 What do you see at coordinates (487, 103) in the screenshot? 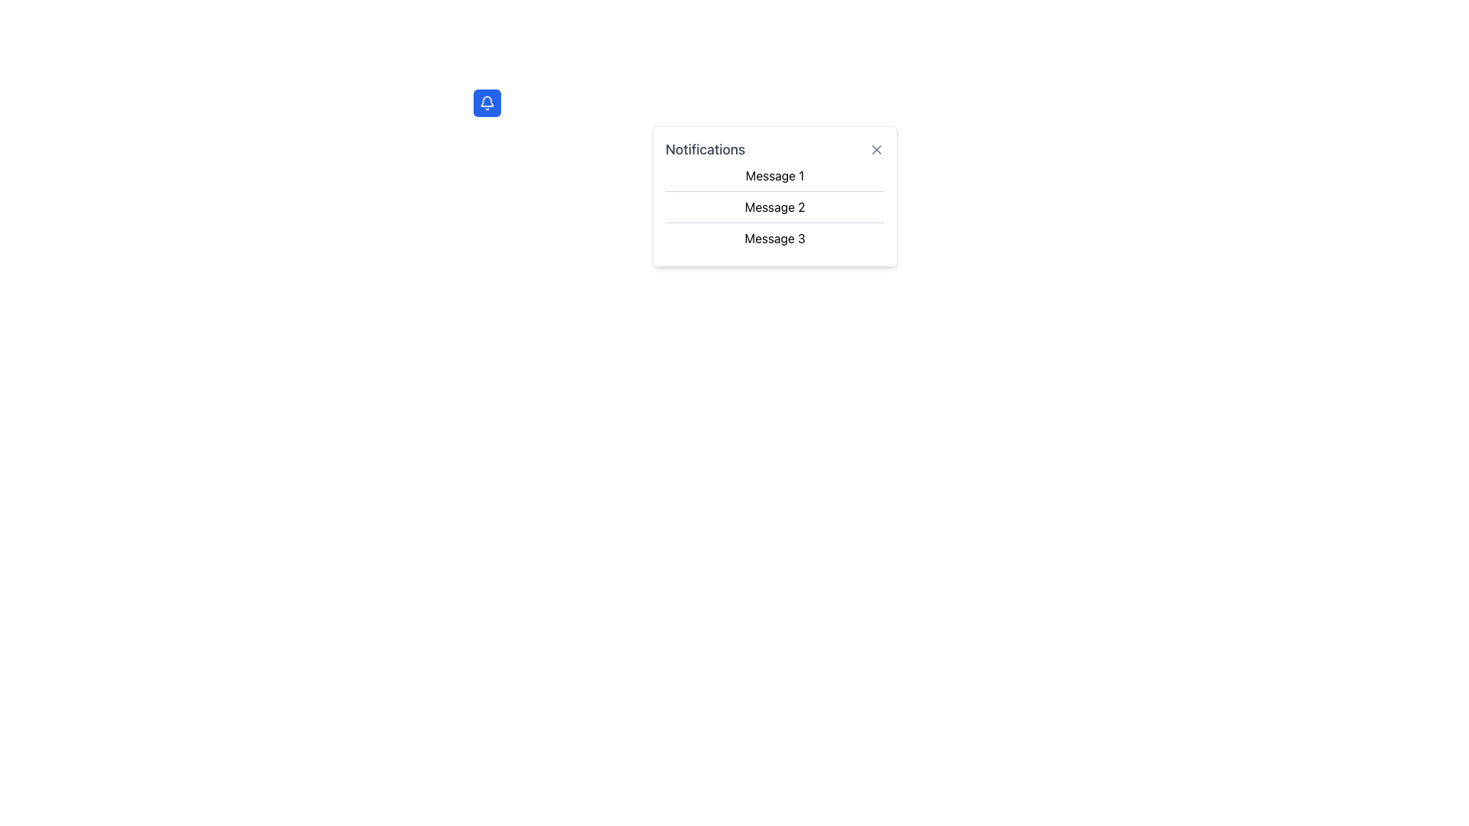
I see `the bell-shaped SVG icon with a blue background` at bounding box center [487, 103].